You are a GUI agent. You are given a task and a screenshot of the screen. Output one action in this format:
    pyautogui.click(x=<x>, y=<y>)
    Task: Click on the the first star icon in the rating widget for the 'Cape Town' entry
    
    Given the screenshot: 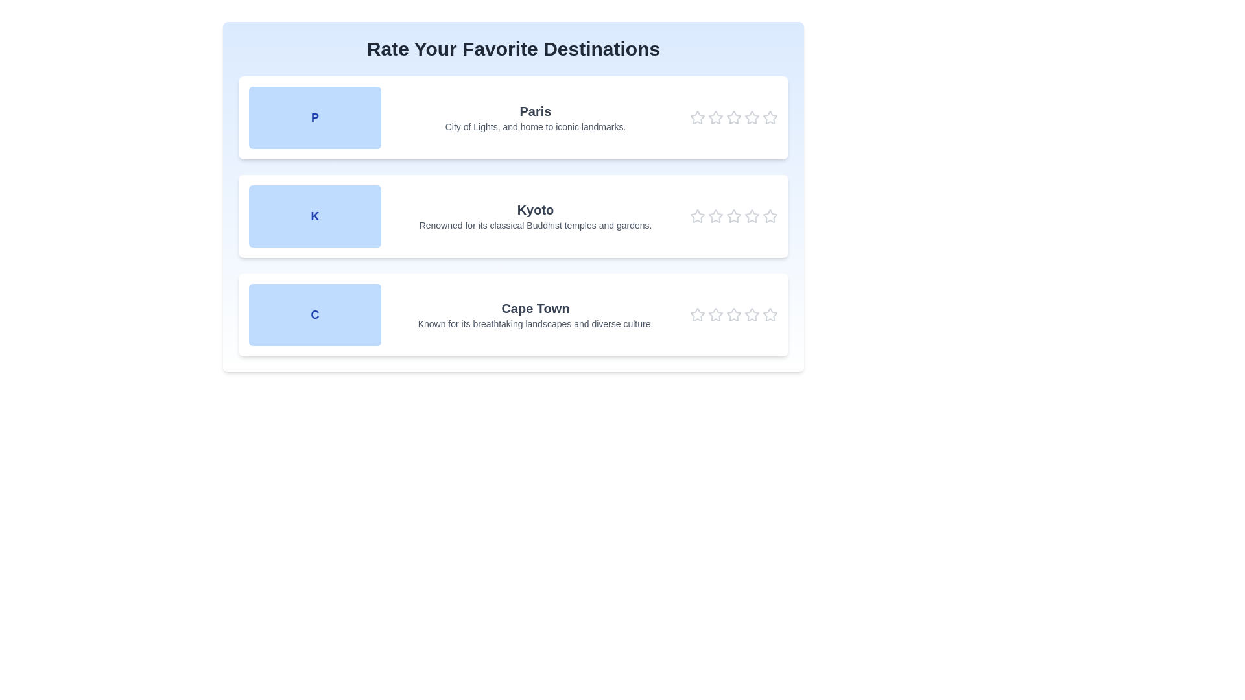 What is the action you would take?
    pyautogui.click(x=696, y=314)
    